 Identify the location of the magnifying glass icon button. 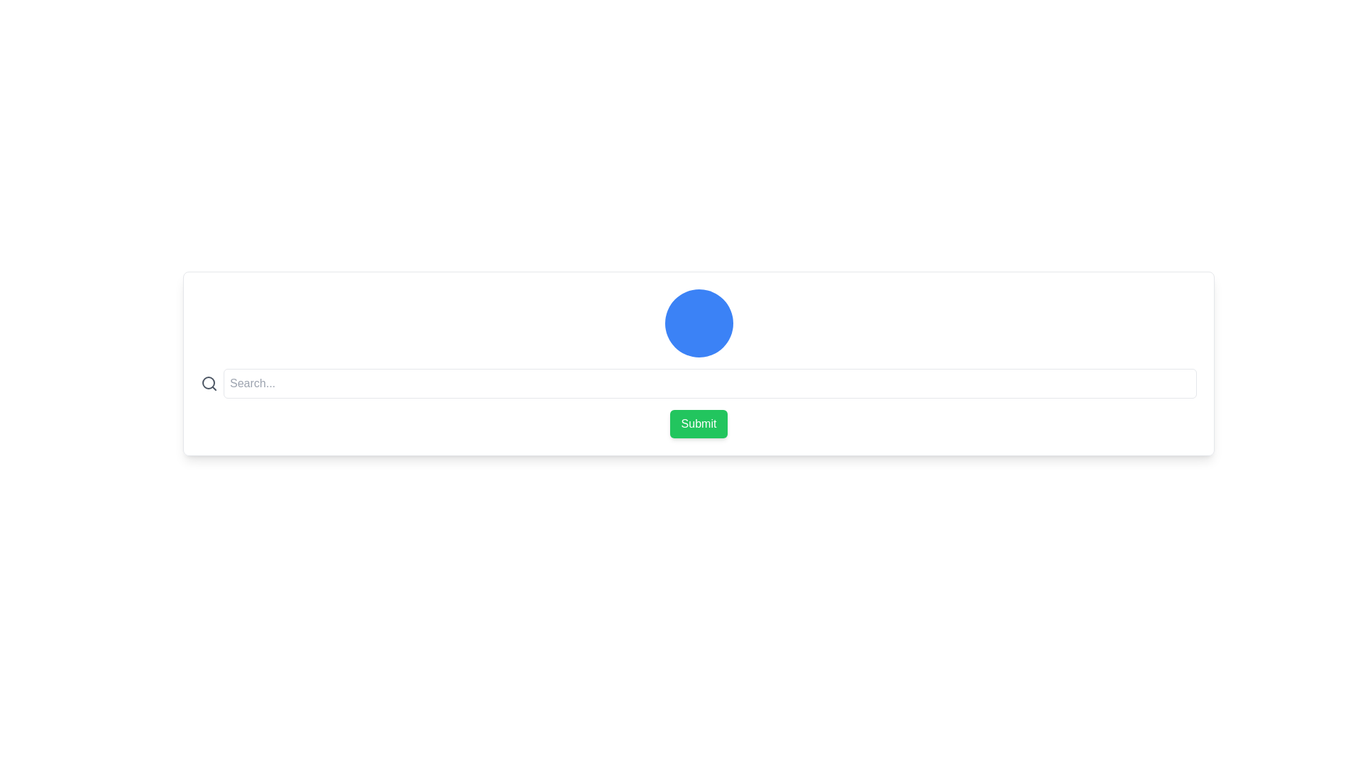
(208, 383).